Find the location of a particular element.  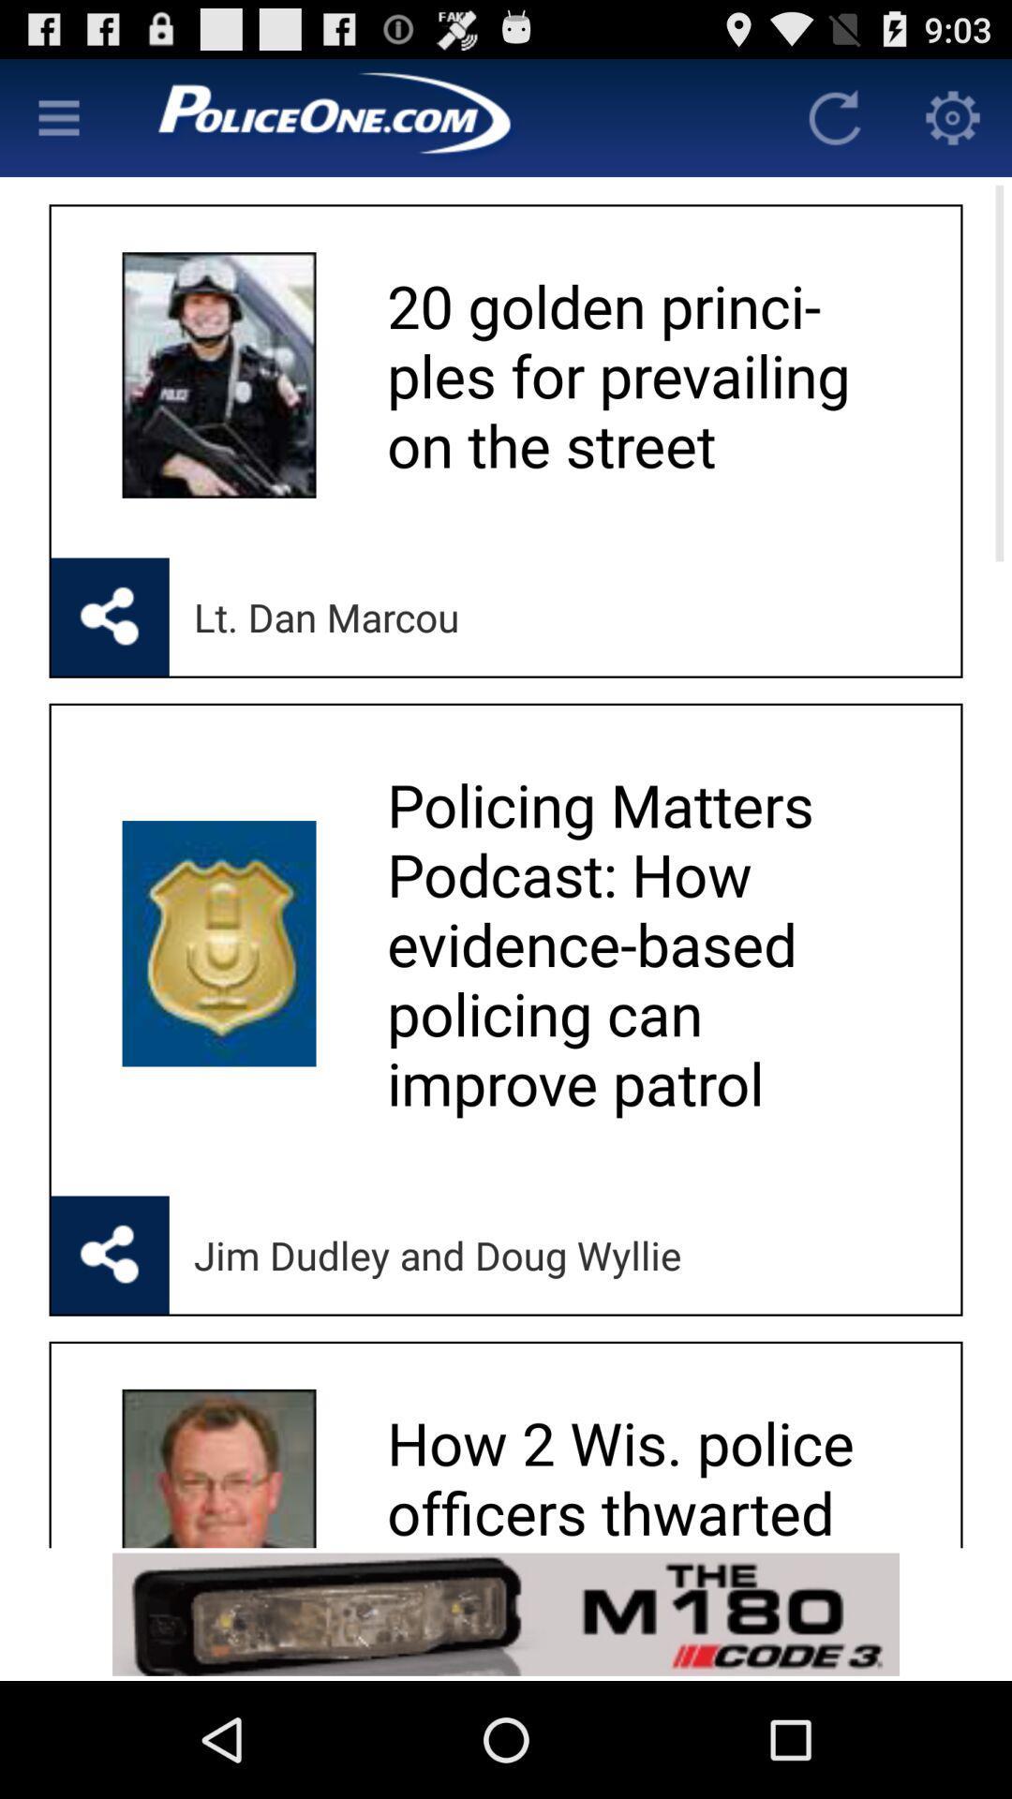

click refresh is located at coordinates (834, 116).